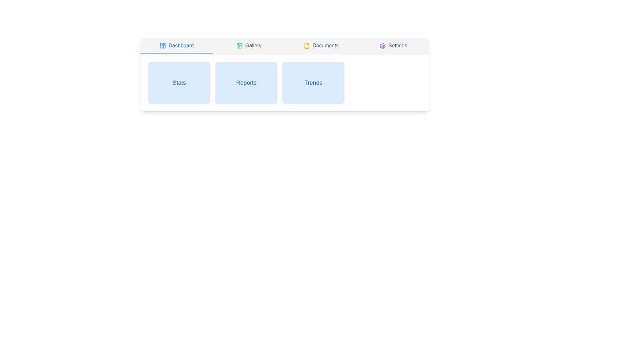 Image resolution: width=619 pixels, height=348 pixels. Describe the element at coordinates (393, 45) in the screenshot. I see `the settings button located in the top navigation bar, the fourth item after 'Dashboard', 'Gallery', and 'Documents'` at that location.